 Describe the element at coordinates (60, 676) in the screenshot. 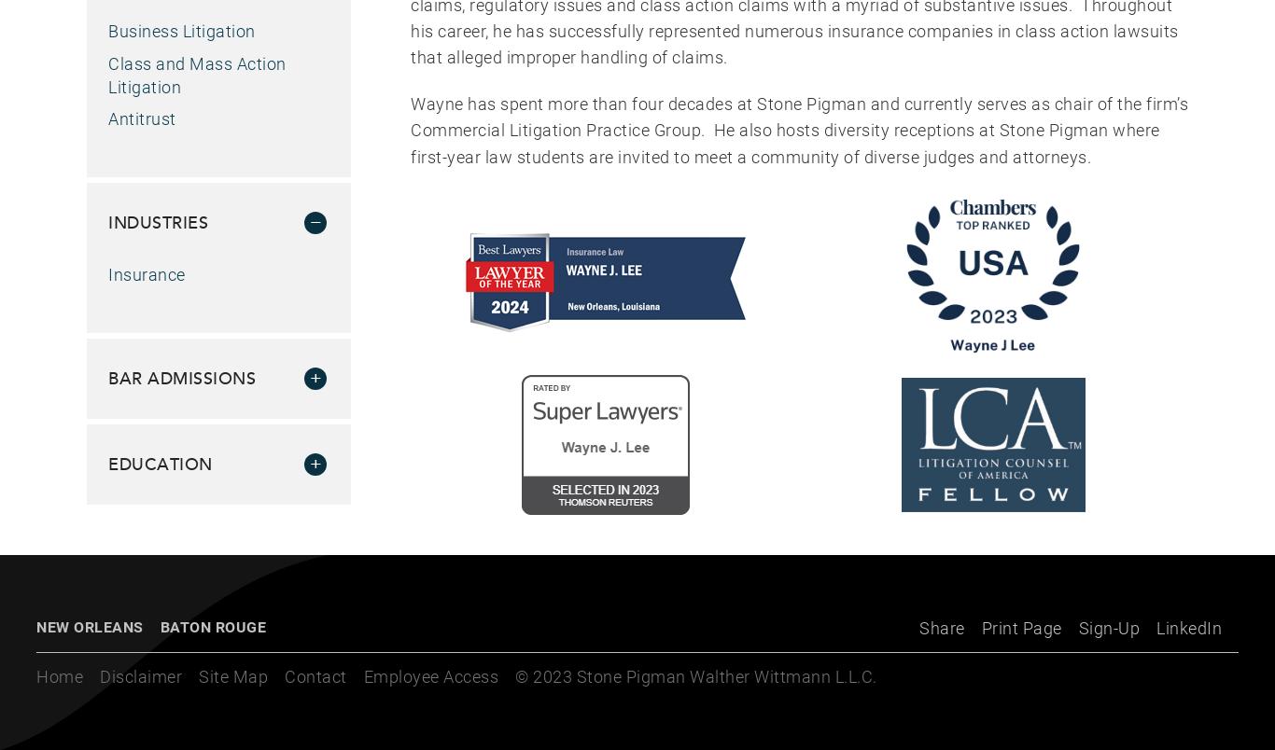

I see `'Home'` at that location.